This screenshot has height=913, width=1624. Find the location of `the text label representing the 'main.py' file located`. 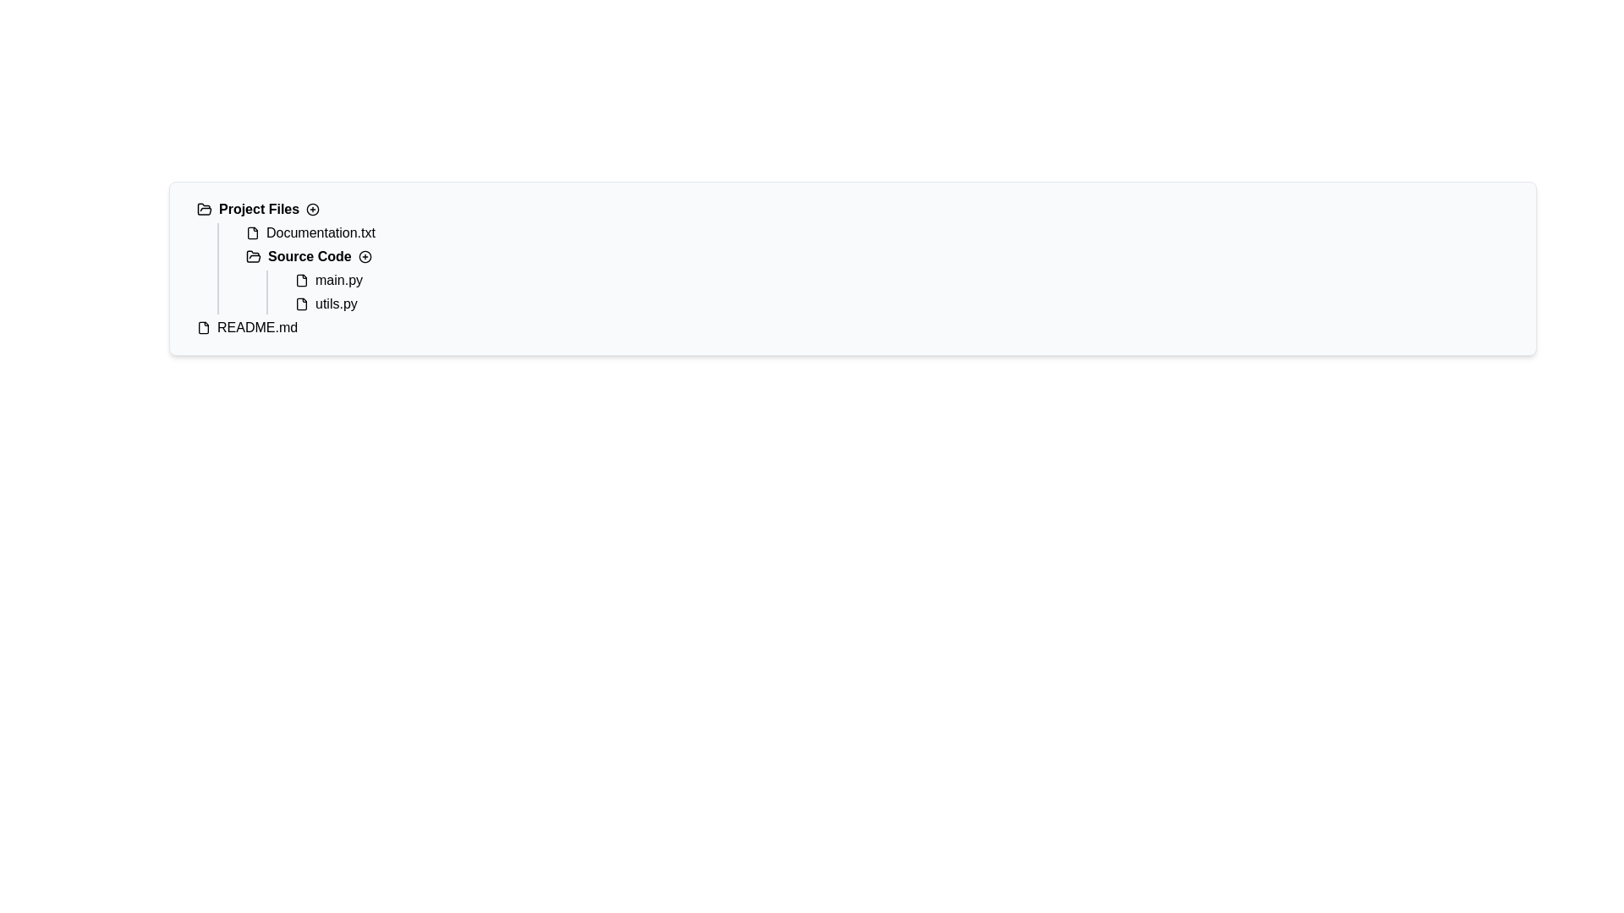

the text label representing the 'main.py' file located is located at coordinates (338, 279).